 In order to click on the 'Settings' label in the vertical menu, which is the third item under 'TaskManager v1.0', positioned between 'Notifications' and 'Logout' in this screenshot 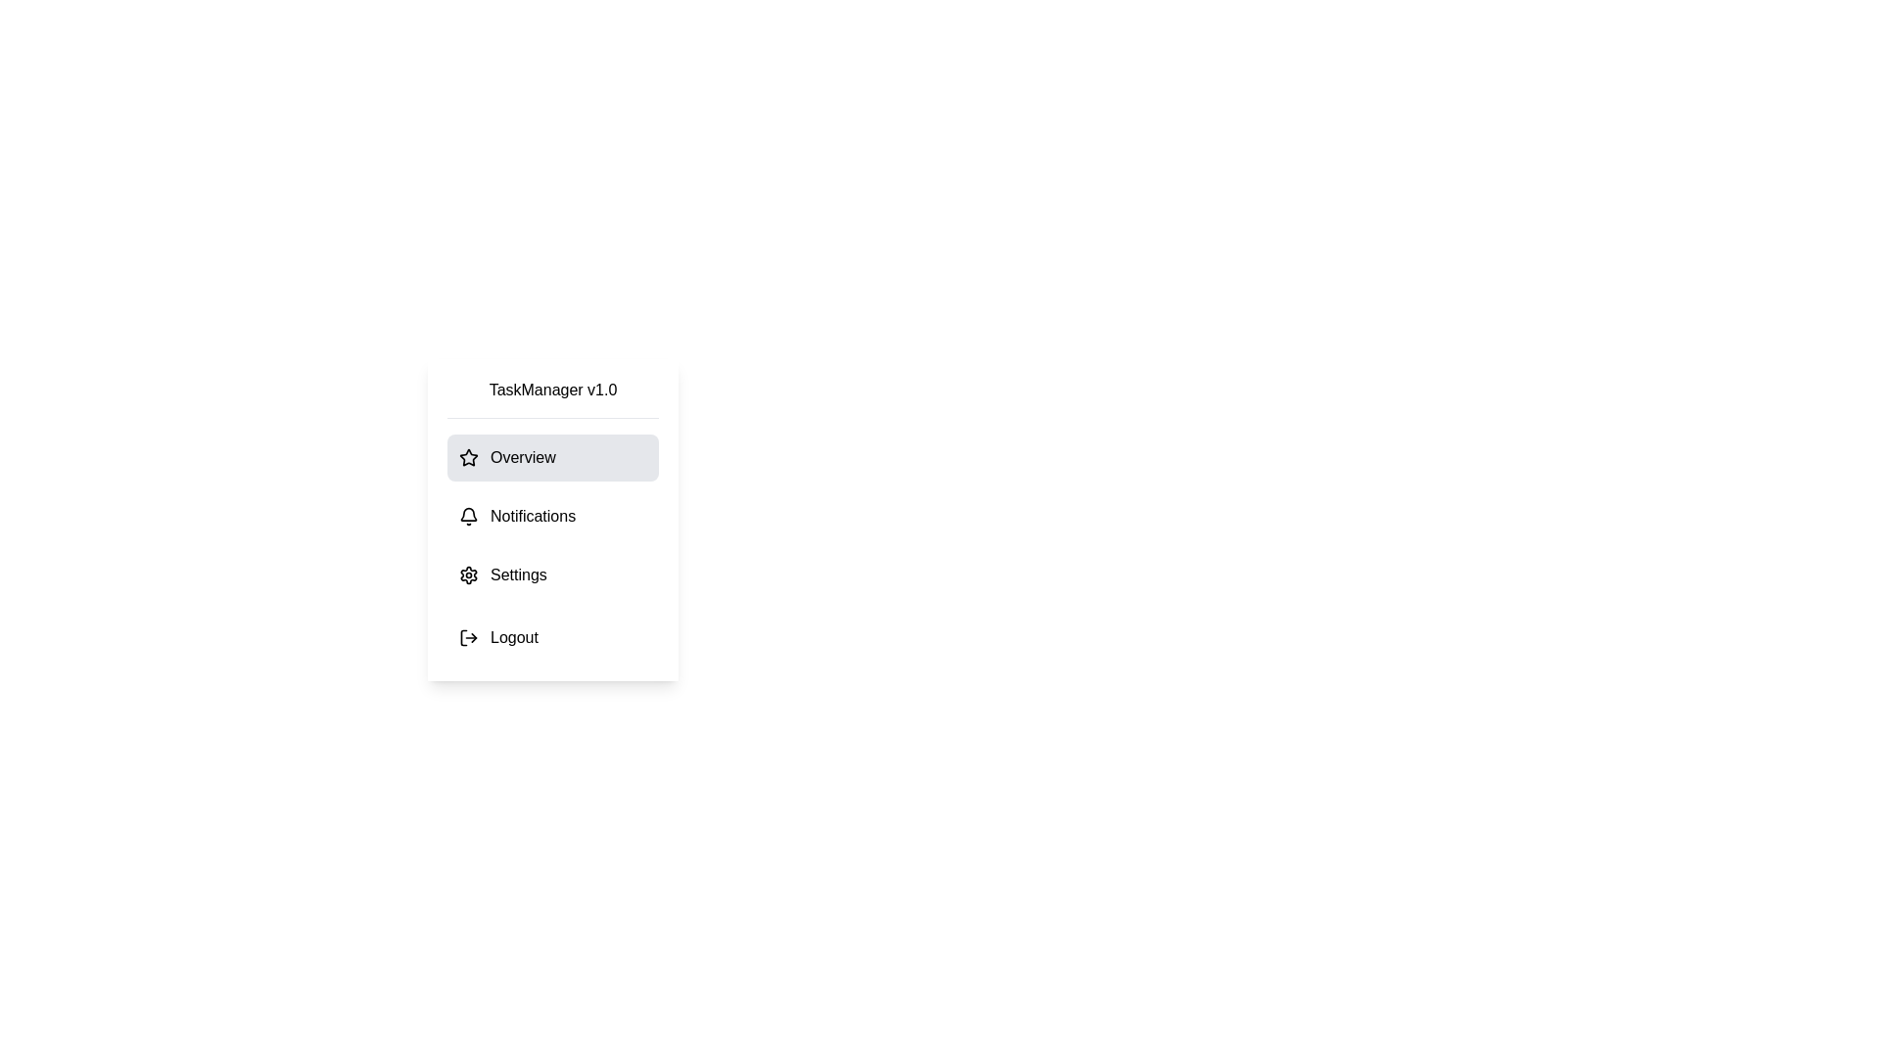, I will do `click(518, 574)`.